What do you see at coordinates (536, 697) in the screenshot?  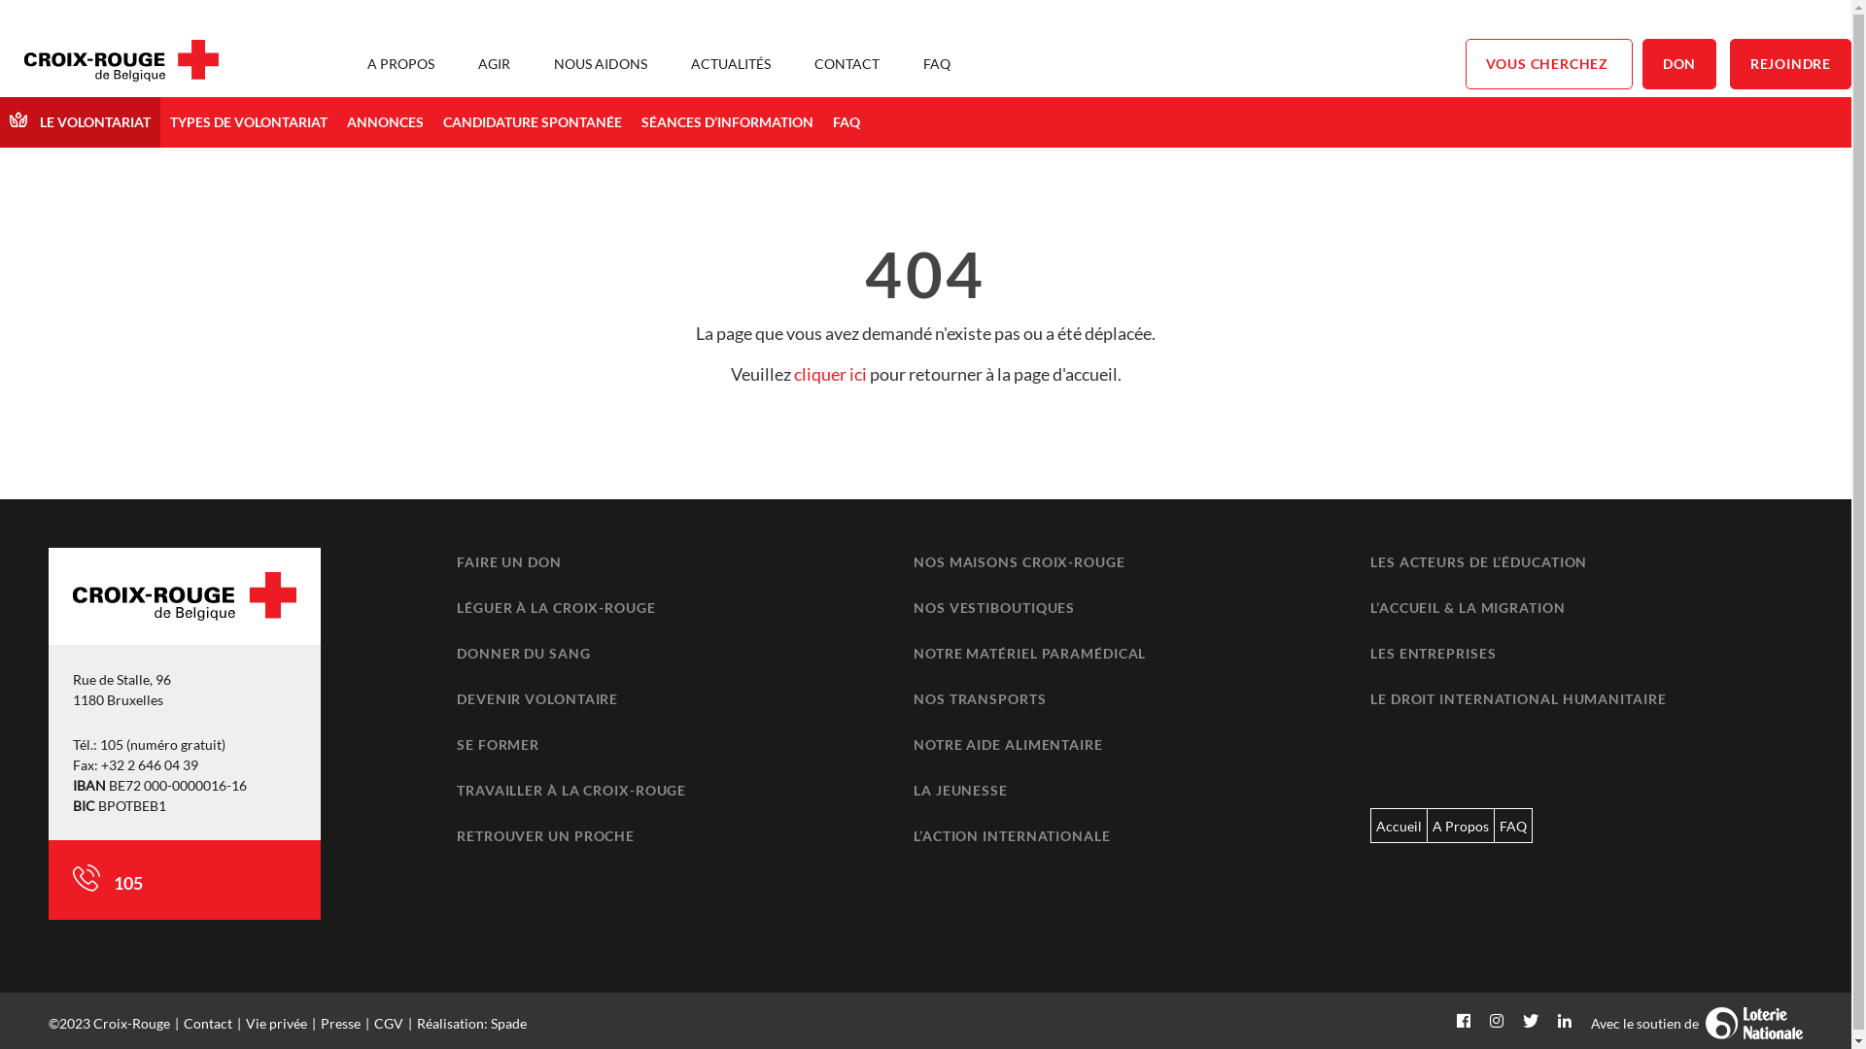 I see `'DEVENIR VOLONTAIRE'` at bounding box center [536, 697].